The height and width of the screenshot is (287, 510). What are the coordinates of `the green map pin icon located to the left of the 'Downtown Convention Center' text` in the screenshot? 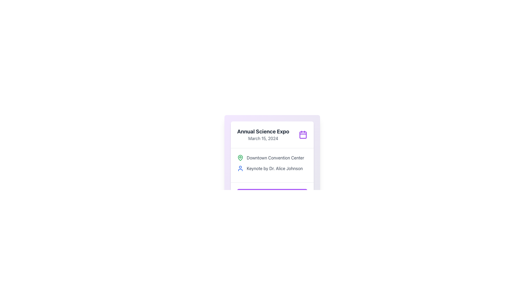 It's located at (240, 157).